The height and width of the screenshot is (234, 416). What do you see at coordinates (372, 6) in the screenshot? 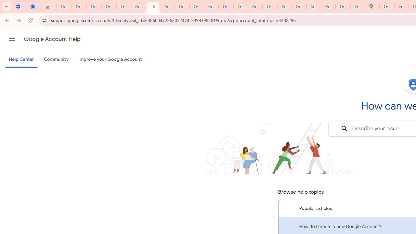
I see `'Google Maps'` at bounding box center [372, 6].